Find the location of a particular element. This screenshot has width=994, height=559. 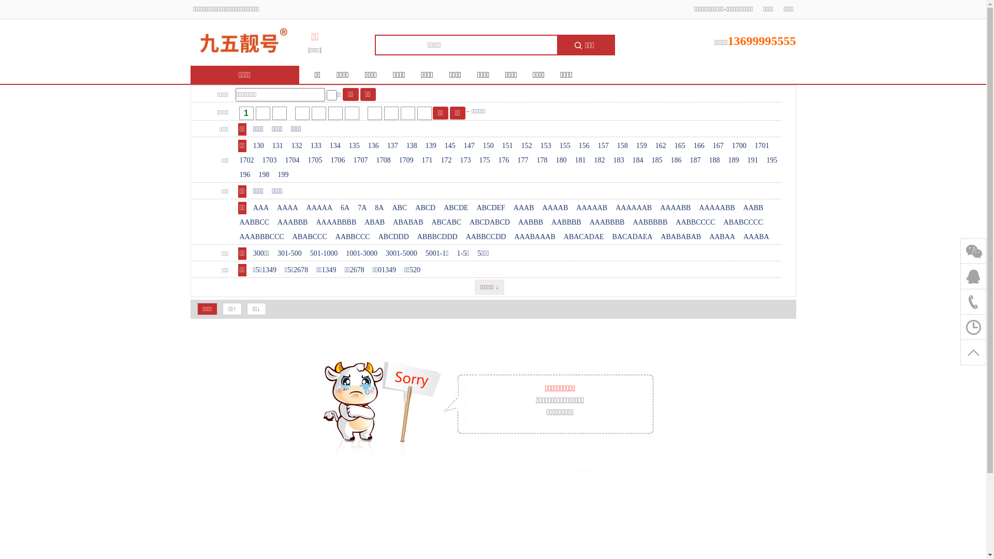

'AABBB' is located at coordinates (531, 222).